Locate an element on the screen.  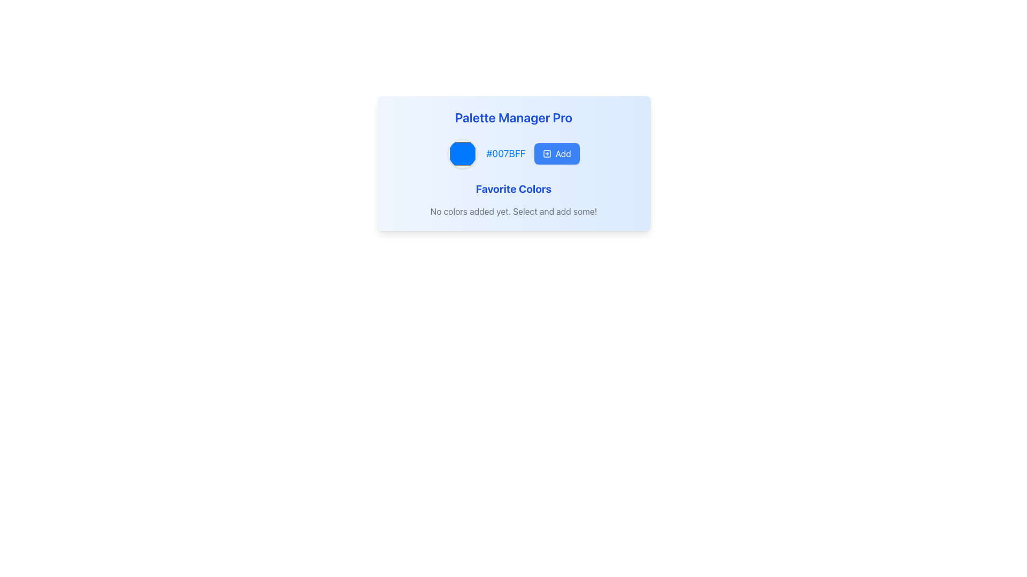
the small blue square icon with a plus sign inside, located to the left of the text 'Add' in the button group at the top-right section of the card layout is located at coordinates (547, 154).